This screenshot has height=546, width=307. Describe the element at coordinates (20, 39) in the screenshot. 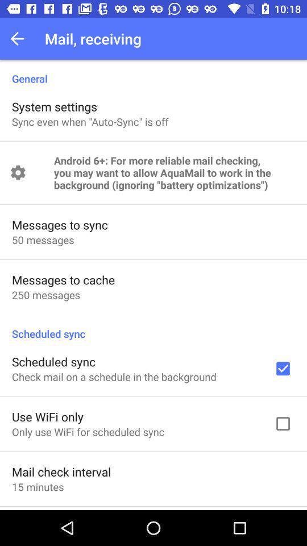

I see `app next to the mail, receiving app` at that location.